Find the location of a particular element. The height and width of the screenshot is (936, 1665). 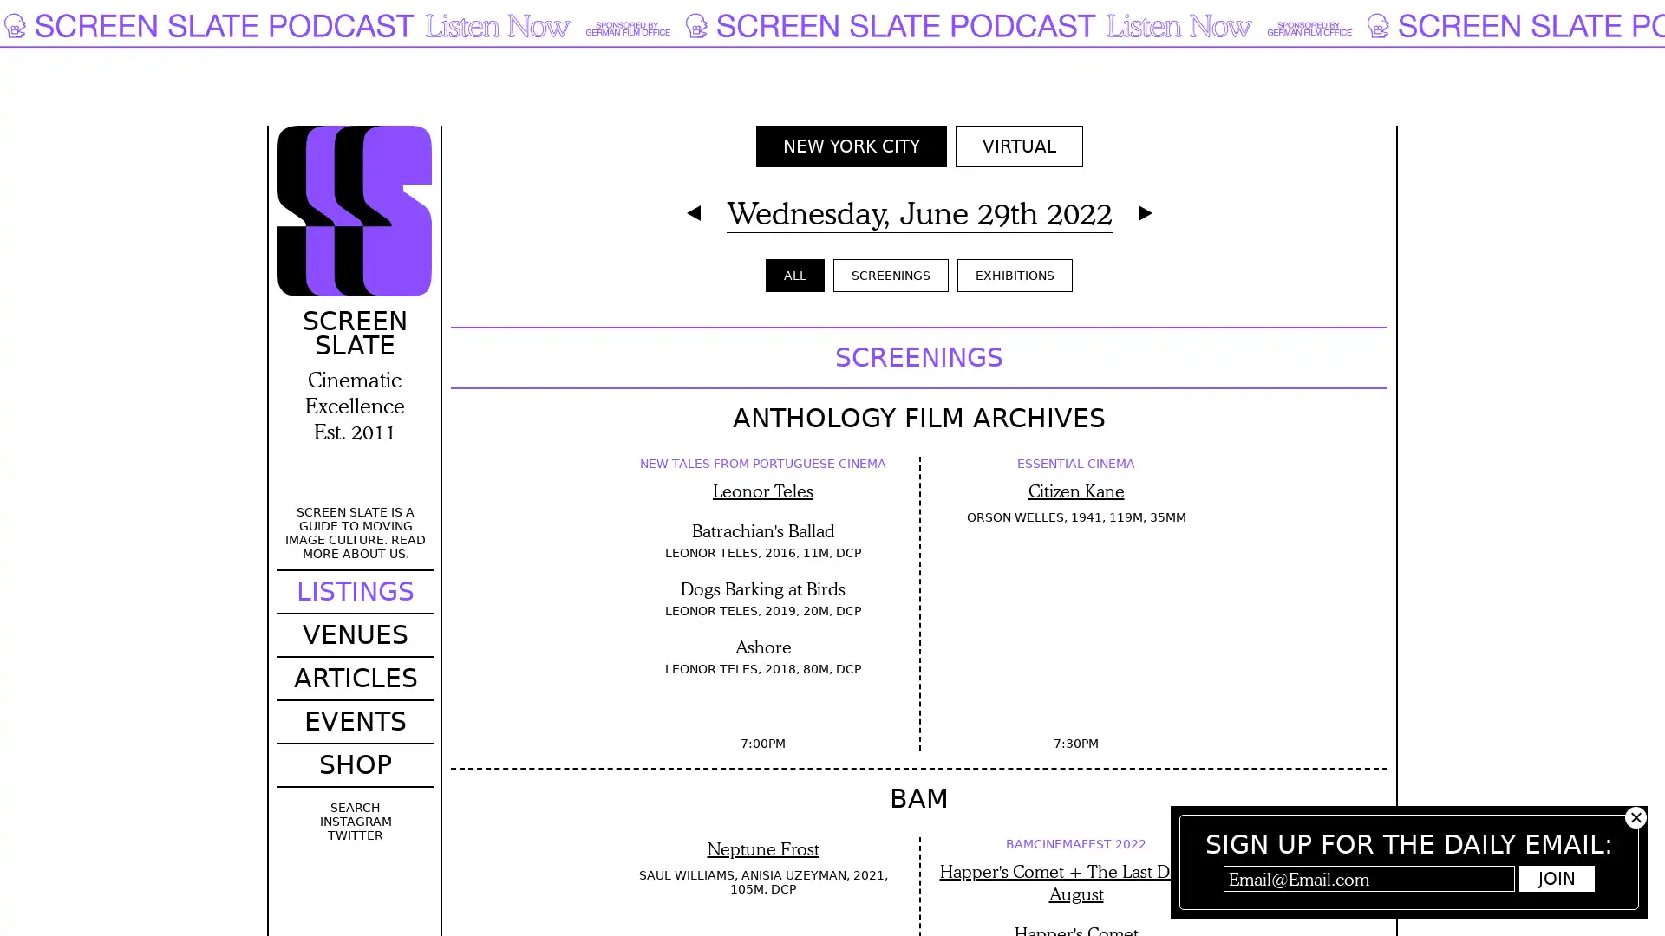

Previous Day is located at coordinates (691, 212).